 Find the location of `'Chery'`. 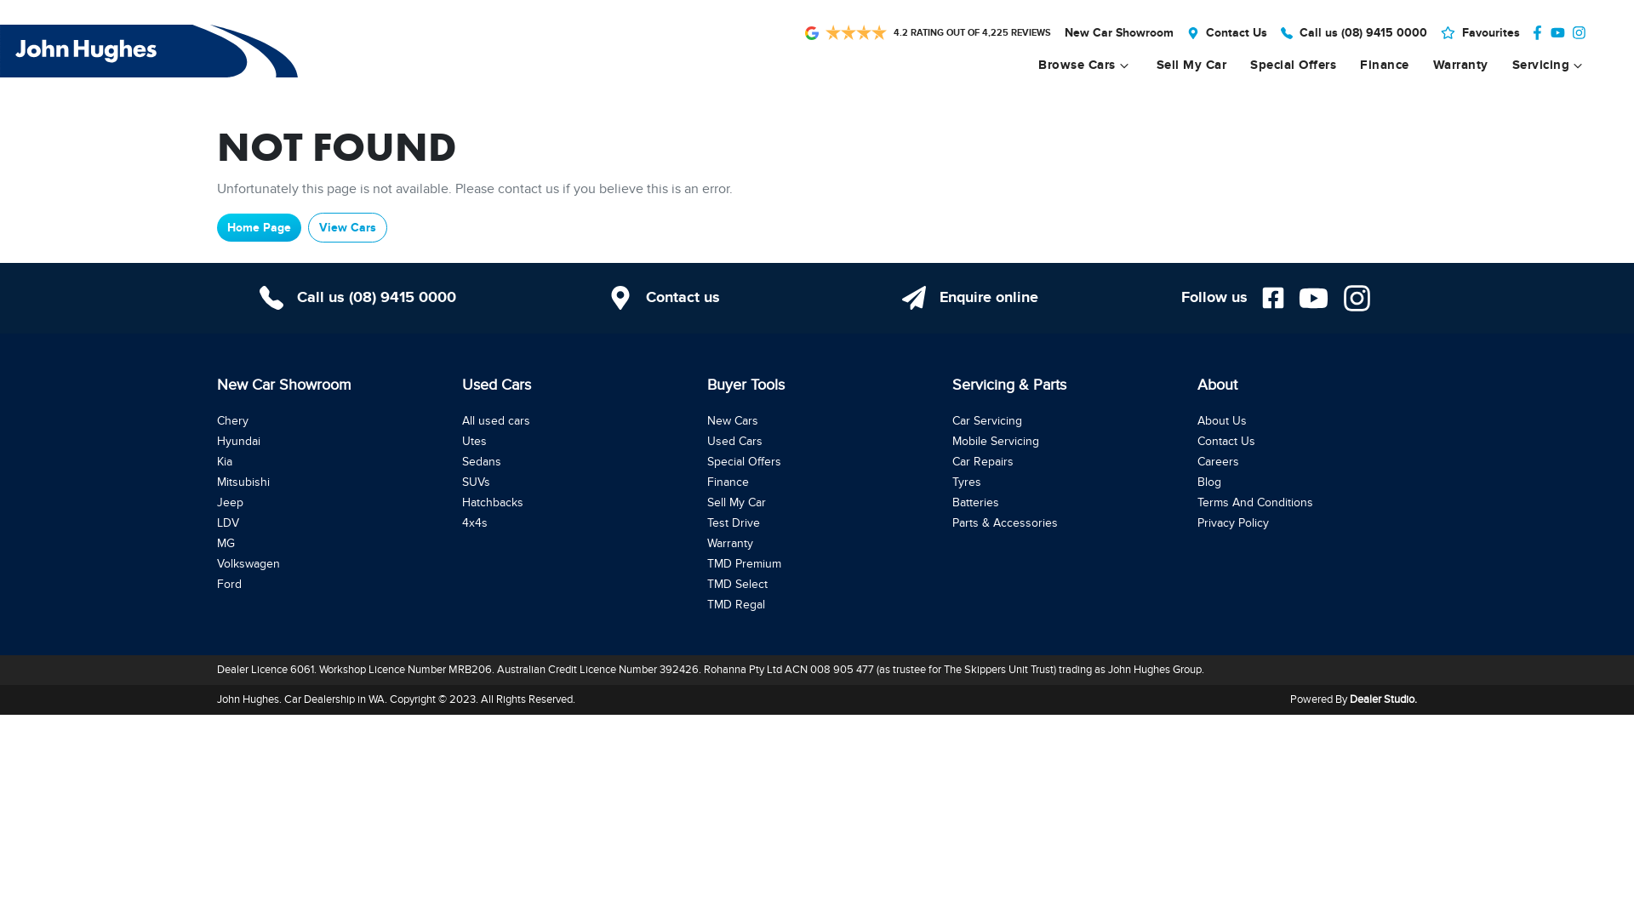

'Chery' is located at coordinates (231, 420).